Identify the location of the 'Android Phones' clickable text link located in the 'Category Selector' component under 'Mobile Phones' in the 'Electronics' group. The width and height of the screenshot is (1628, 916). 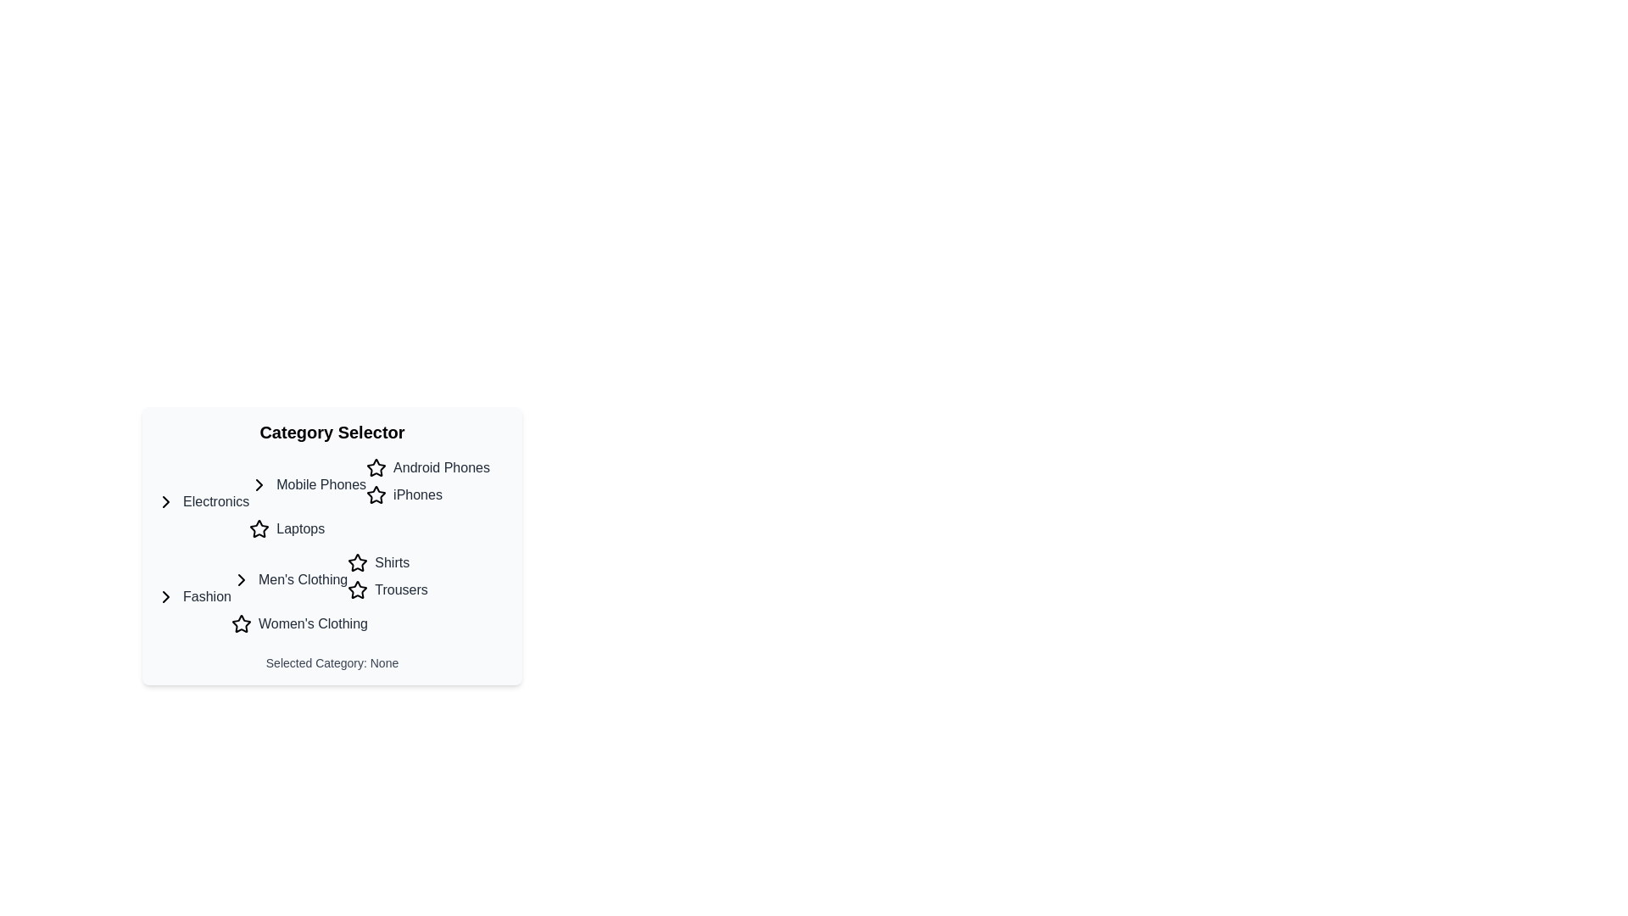
(442, 467).